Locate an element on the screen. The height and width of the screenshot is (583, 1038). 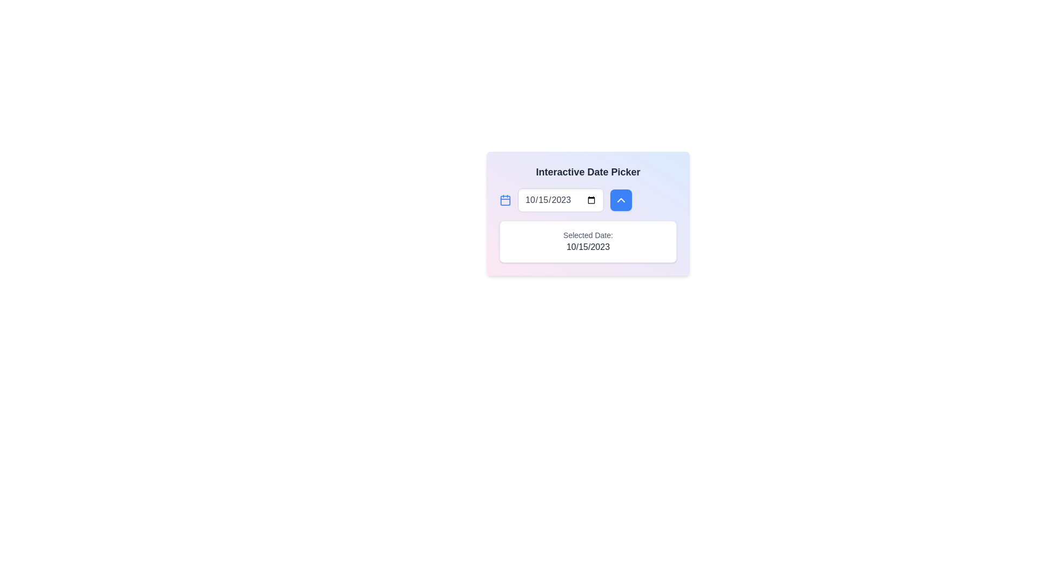
the date picker input field to focus on it for date entry or selection is located at coordinates (561, 200).